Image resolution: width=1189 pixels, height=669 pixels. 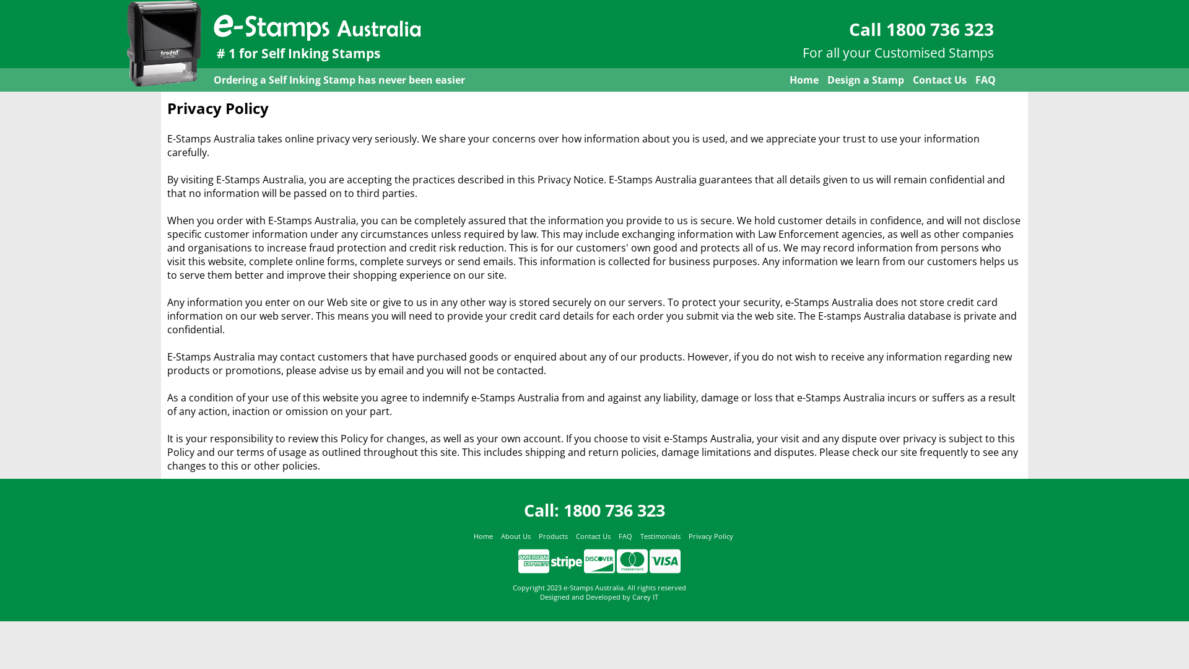 I want to click on 'Testimonials', so click(x=660, y=536).